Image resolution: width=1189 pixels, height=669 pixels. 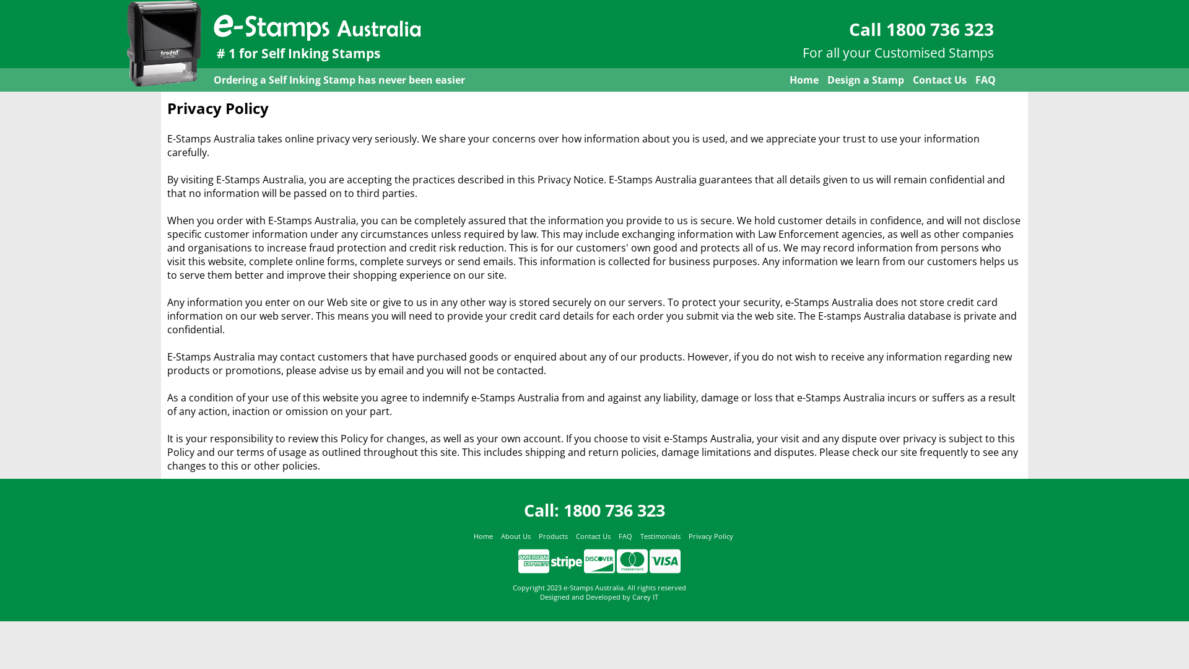 I want to click on 'Testimonials', so click(x=660, y=536).